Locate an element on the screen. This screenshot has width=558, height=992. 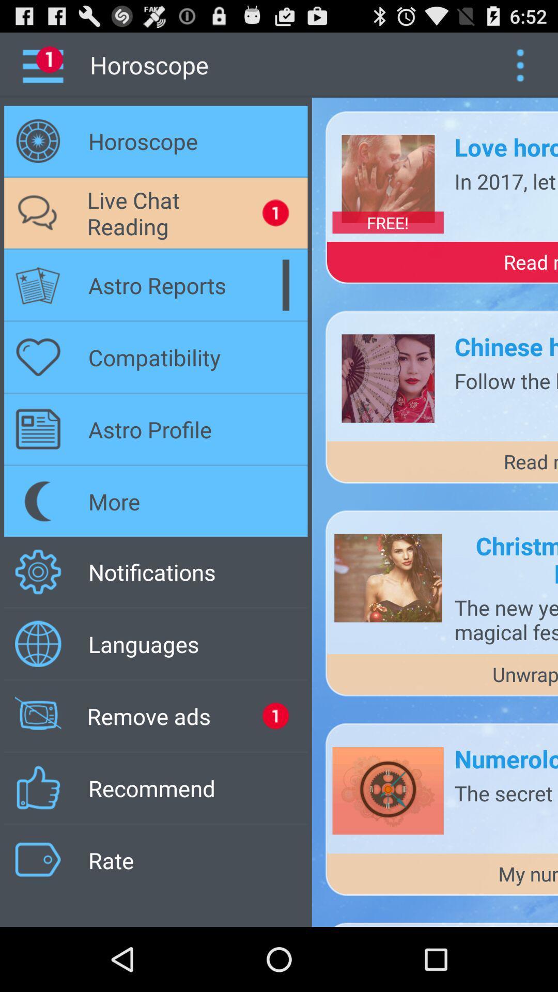
show the menu is located at coordinates (520, 64).